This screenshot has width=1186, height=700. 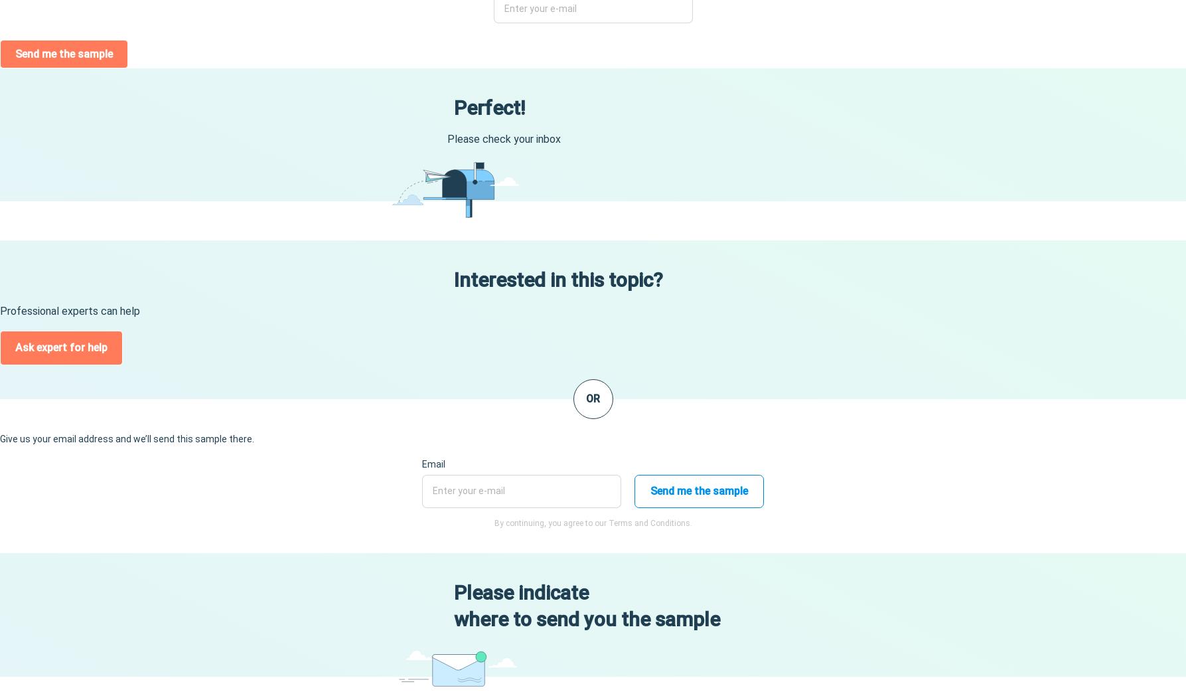 I want to click on 'Please check your inbox', so click(x=503, y=138).